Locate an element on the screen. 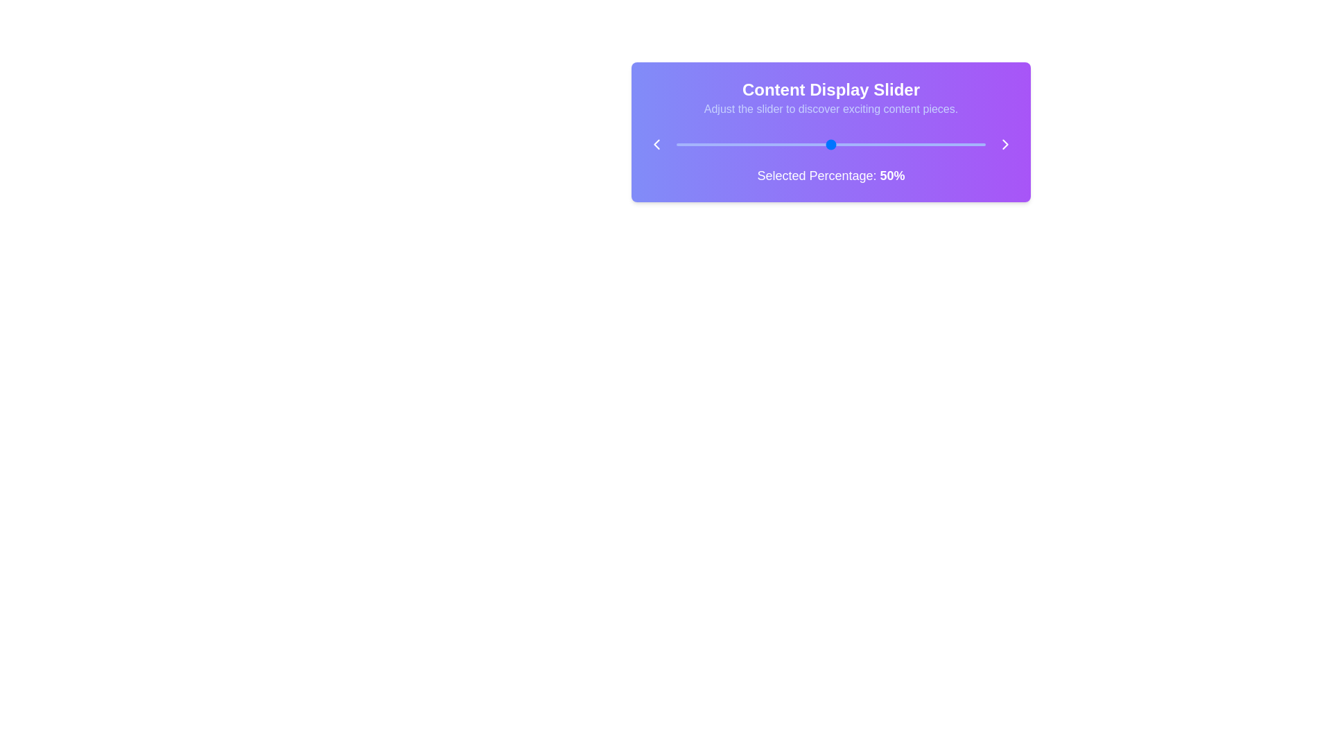 The height and width of the screenshot is (748, 1331). the right chevron icon to trigger the slider increment is located at coordinates (1005, 144).